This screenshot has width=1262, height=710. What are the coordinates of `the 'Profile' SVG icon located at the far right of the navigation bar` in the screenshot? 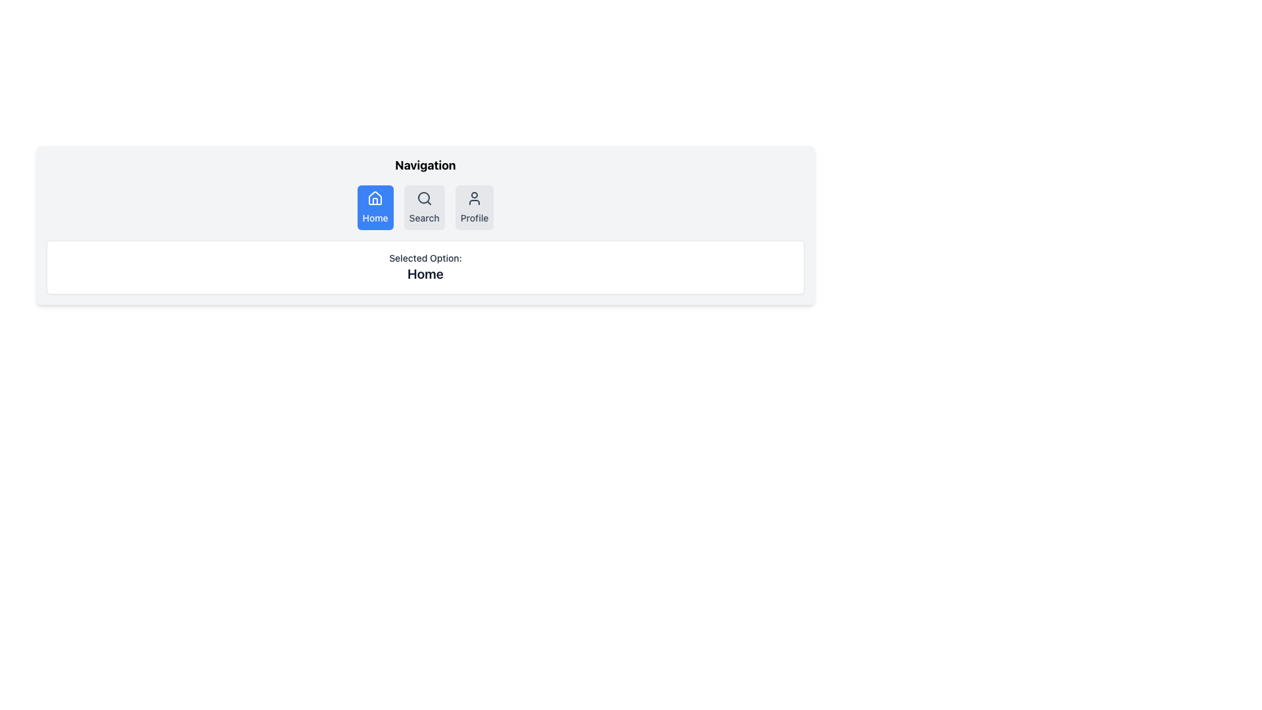 It's located at (473, 198).